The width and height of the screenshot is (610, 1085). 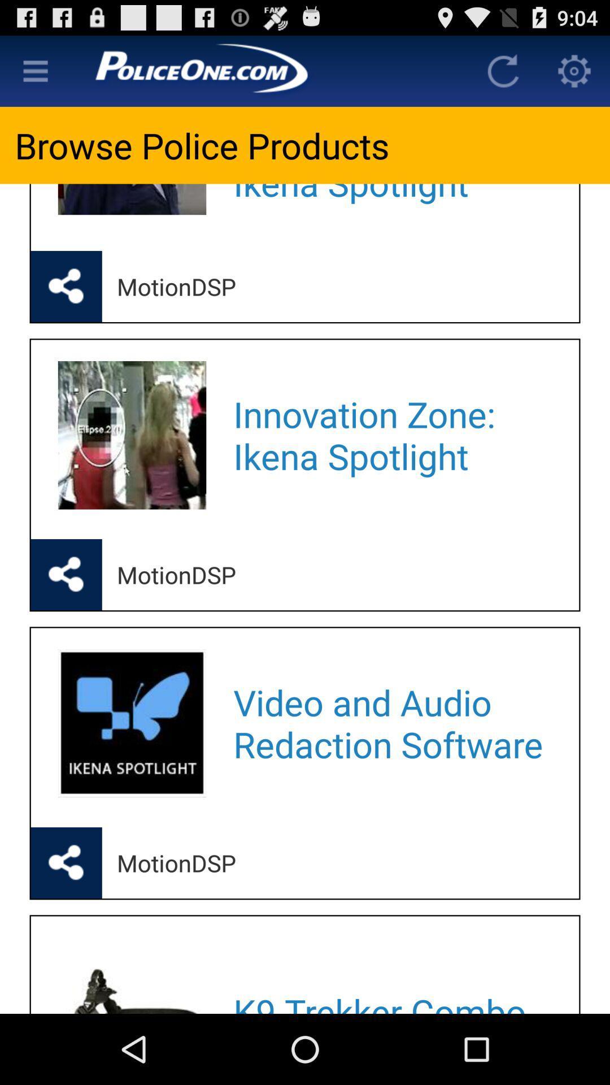 What do you see at coordinates (574, 70) in the screenshot?
I see `open settings meu` at bounding box center [574, 70].